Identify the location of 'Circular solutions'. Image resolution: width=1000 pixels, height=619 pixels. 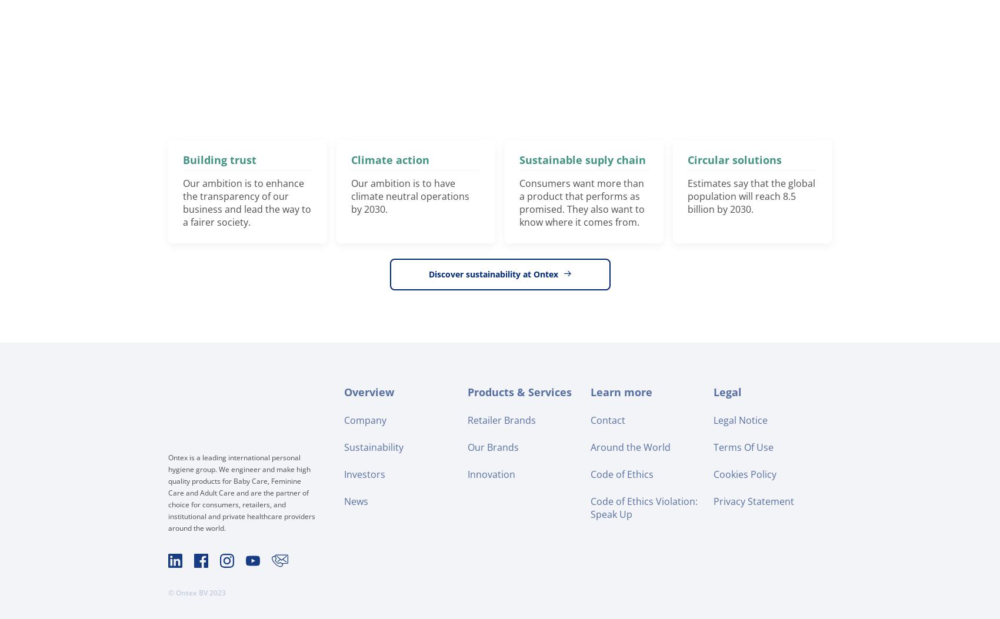
(687, 159).